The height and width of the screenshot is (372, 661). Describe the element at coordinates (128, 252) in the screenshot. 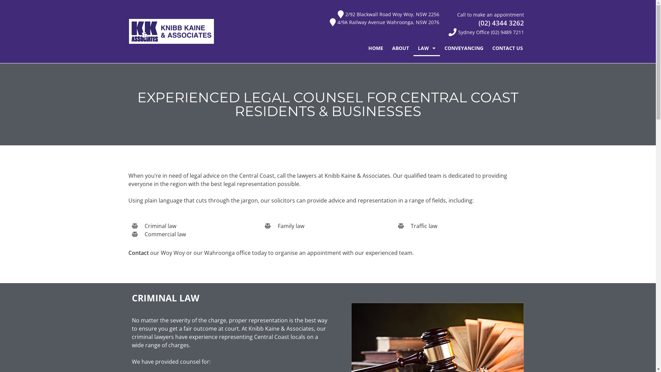

I see `'Contact'` at that location.